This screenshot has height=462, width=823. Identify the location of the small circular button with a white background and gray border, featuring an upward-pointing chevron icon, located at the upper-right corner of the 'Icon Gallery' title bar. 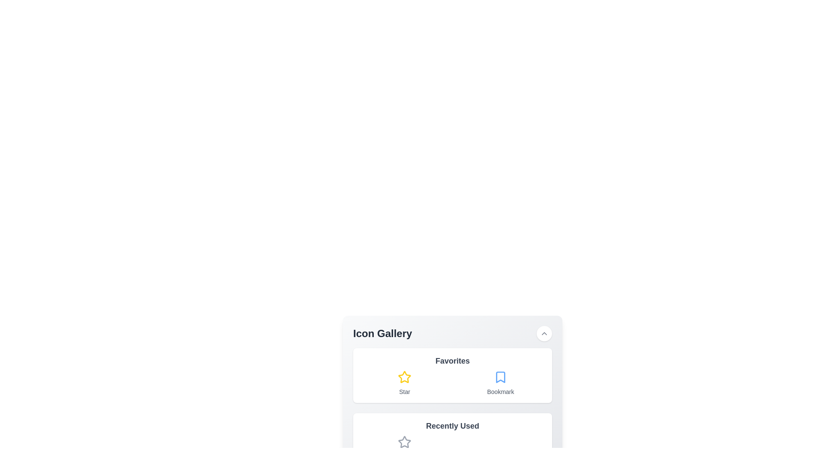
(544, 333).